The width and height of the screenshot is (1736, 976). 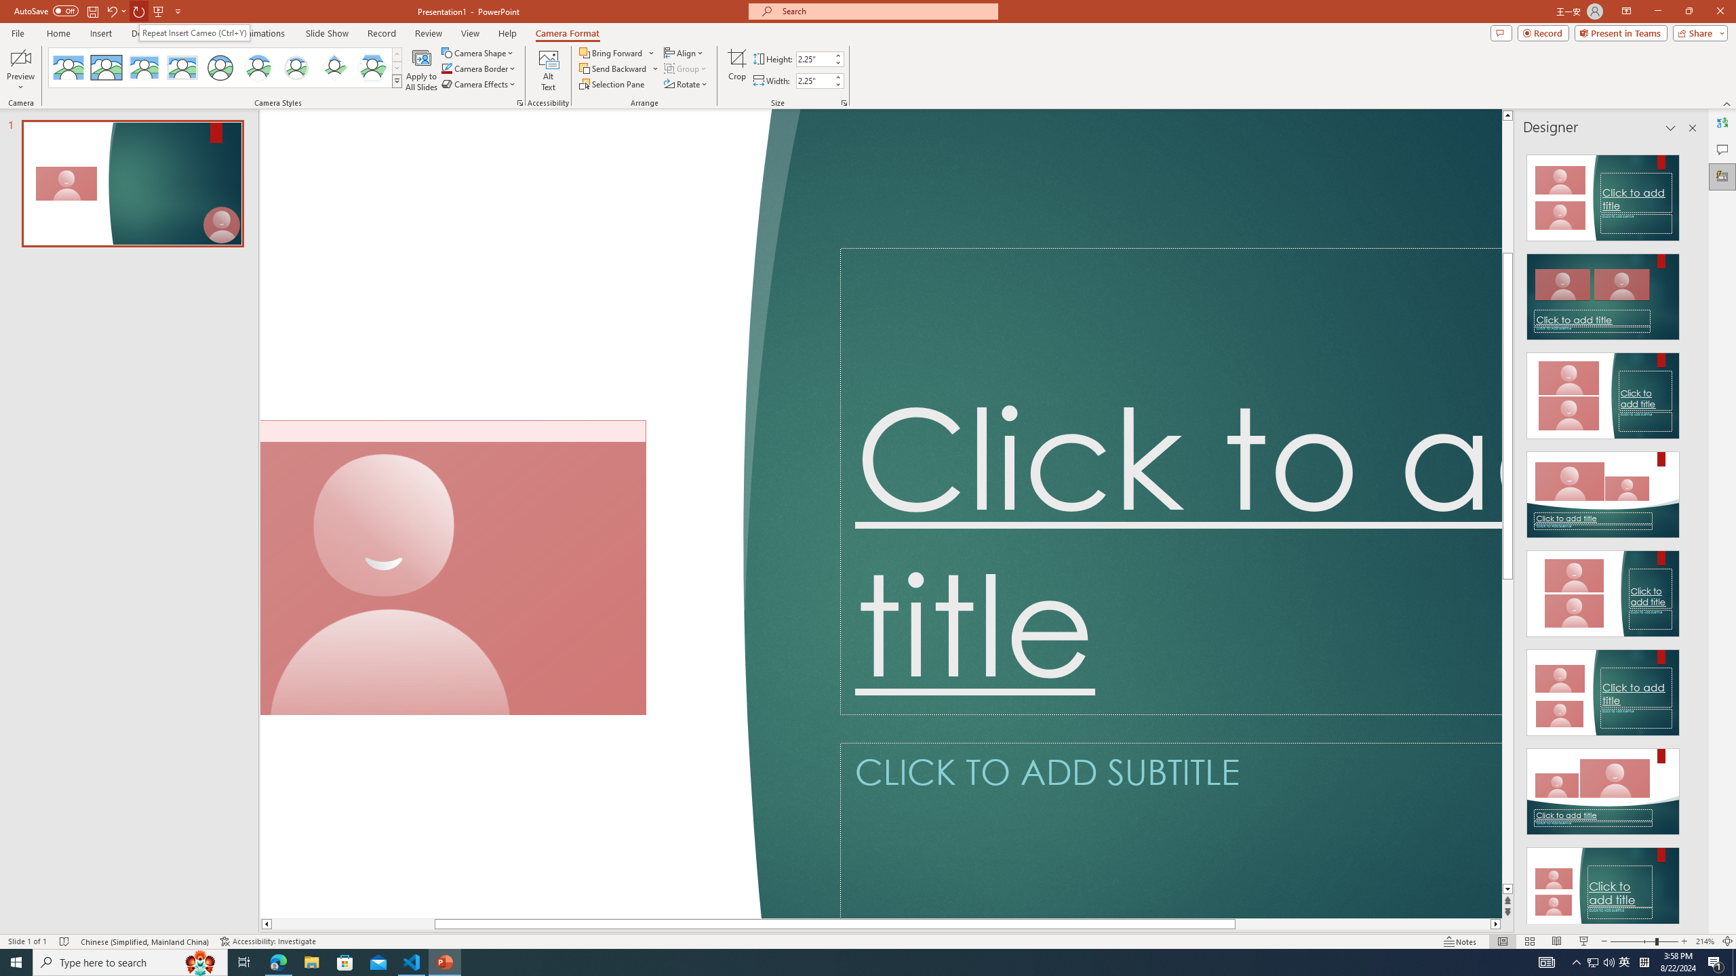 What do you see at coordinates (397, 80) in the screenshot?
I see `'Camera Styles'` at bounding box center [397, 80].